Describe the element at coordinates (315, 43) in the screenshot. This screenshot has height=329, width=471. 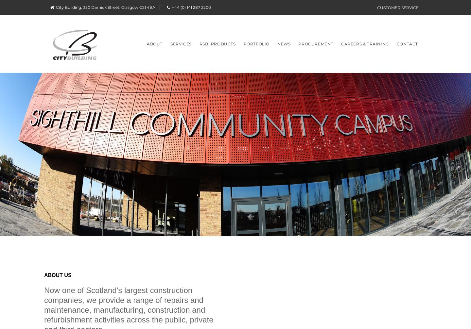
I see `'Procurement'` at that location.